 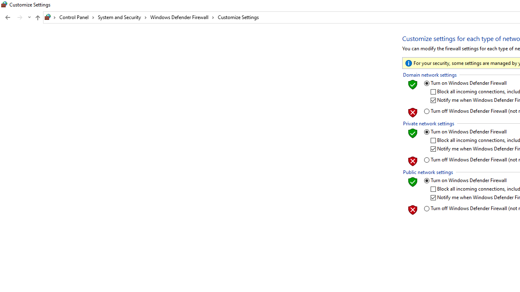 What do you see at coordinates (37, 18) in the screenshot?
I see `'Up band toolbar'` at bounding box center [37, 18].